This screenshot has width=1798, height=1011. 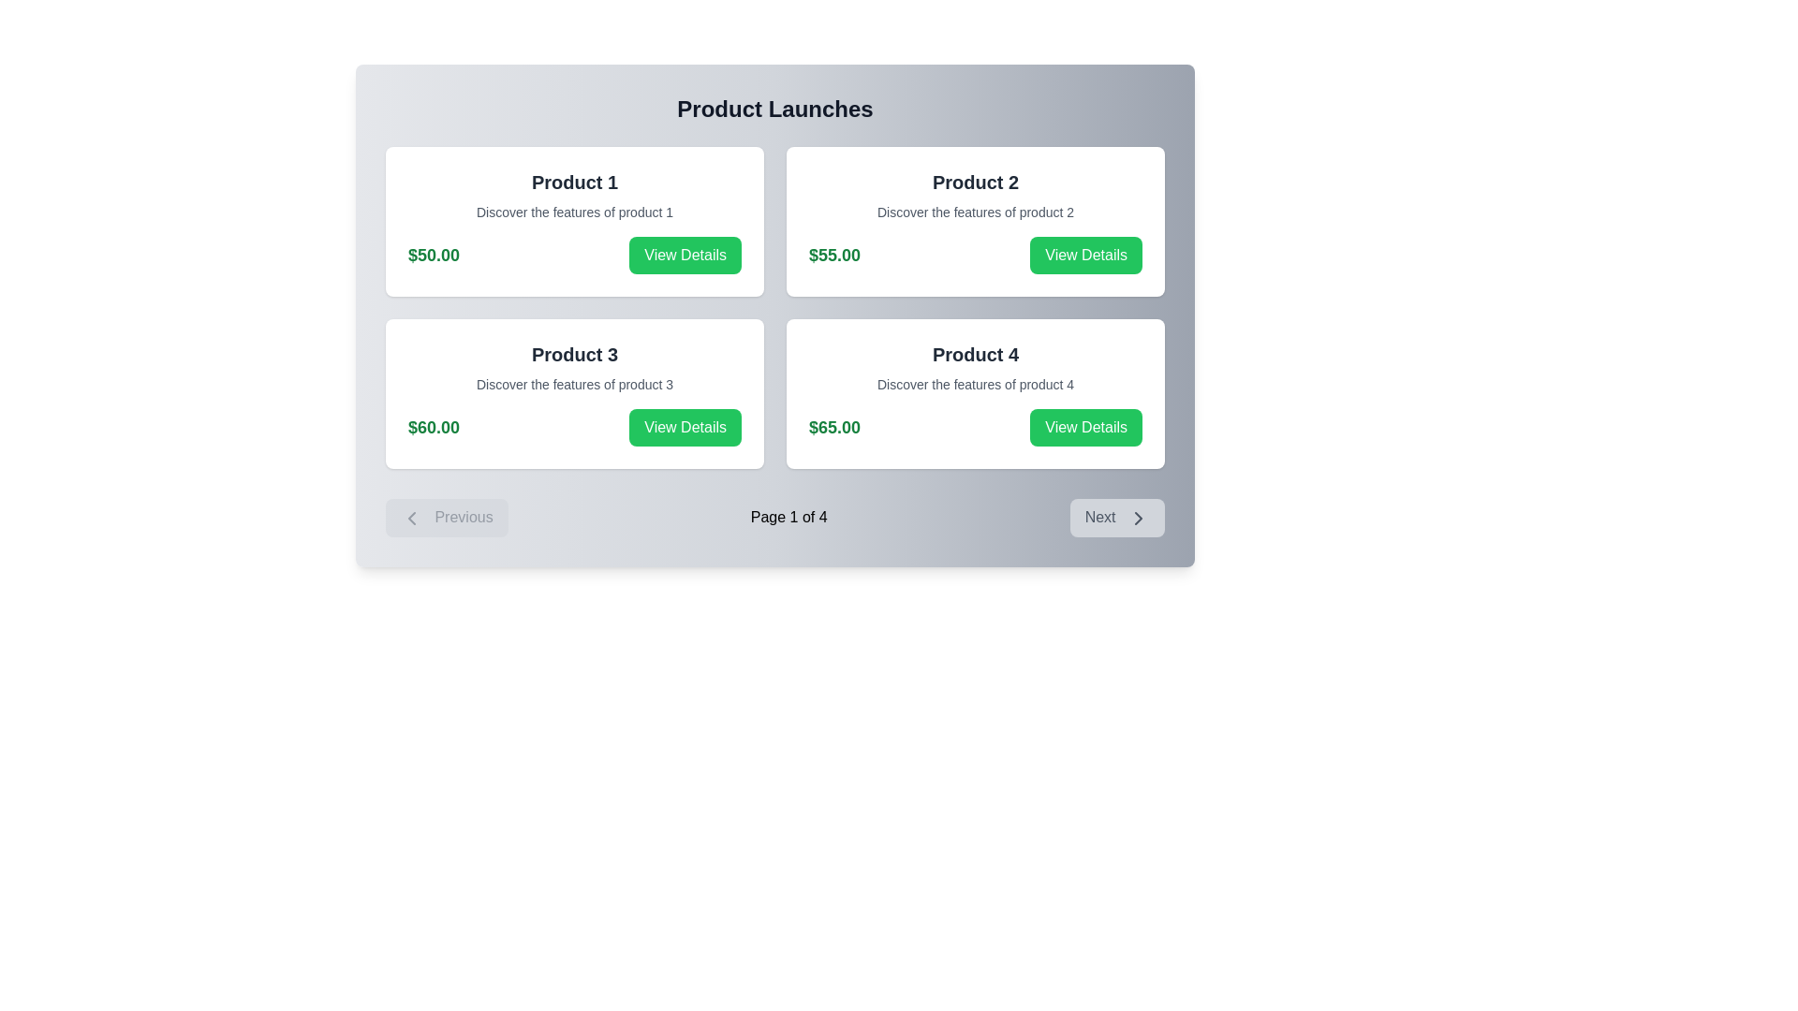 What do you see at coordinates (1086, 256) in the screenshot?
I see `the 'View Details' button with a green background and white text, located in the top-right quadrant of the layout, next to the price '$55.00' in the 'Product 2' card` at bounding box center [1086, 256].